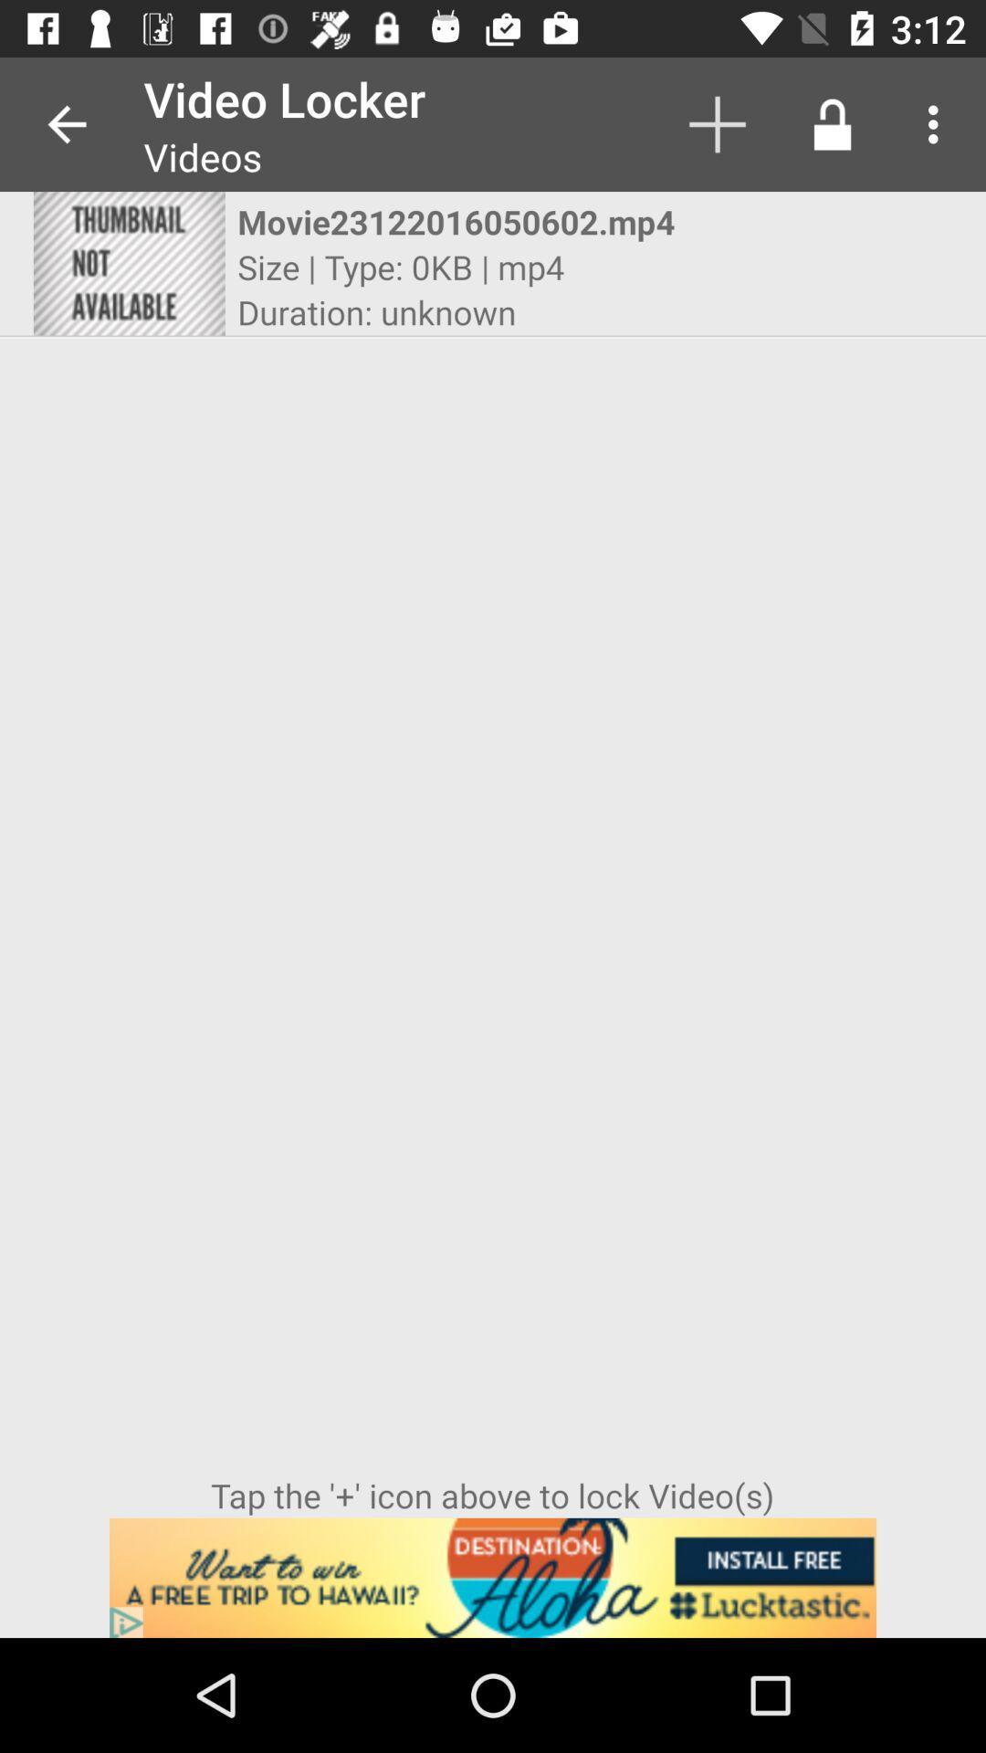  Describe the element at coordinates (375, 311) in the screenshot. I see `item below the size type 0kb item` at that location.